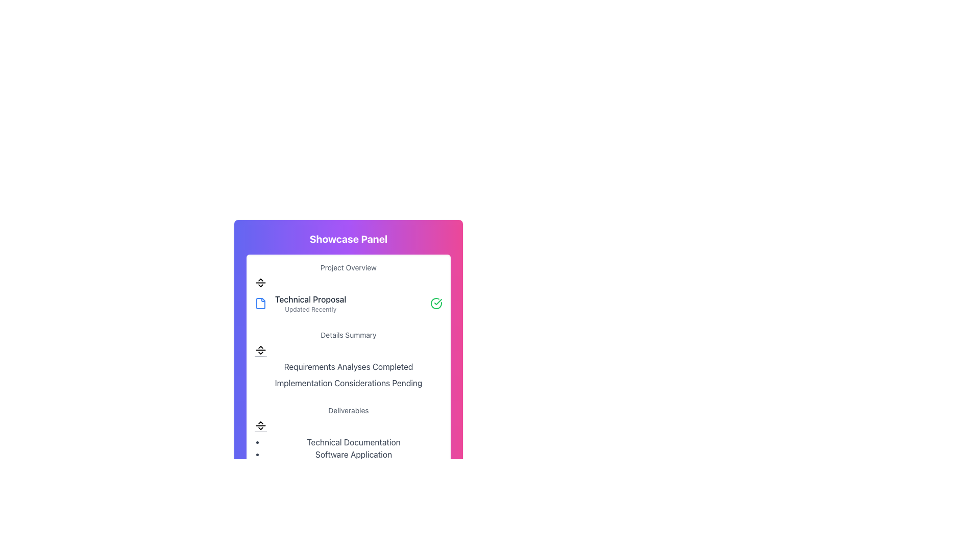  Describe the element at coordinates (348, 267) in the screenshot. I see `the 'Project Overview' text label, which serves as a title or header for the subsequent content, appearing above the separator and the 'Technical Proposal' section` at that location.